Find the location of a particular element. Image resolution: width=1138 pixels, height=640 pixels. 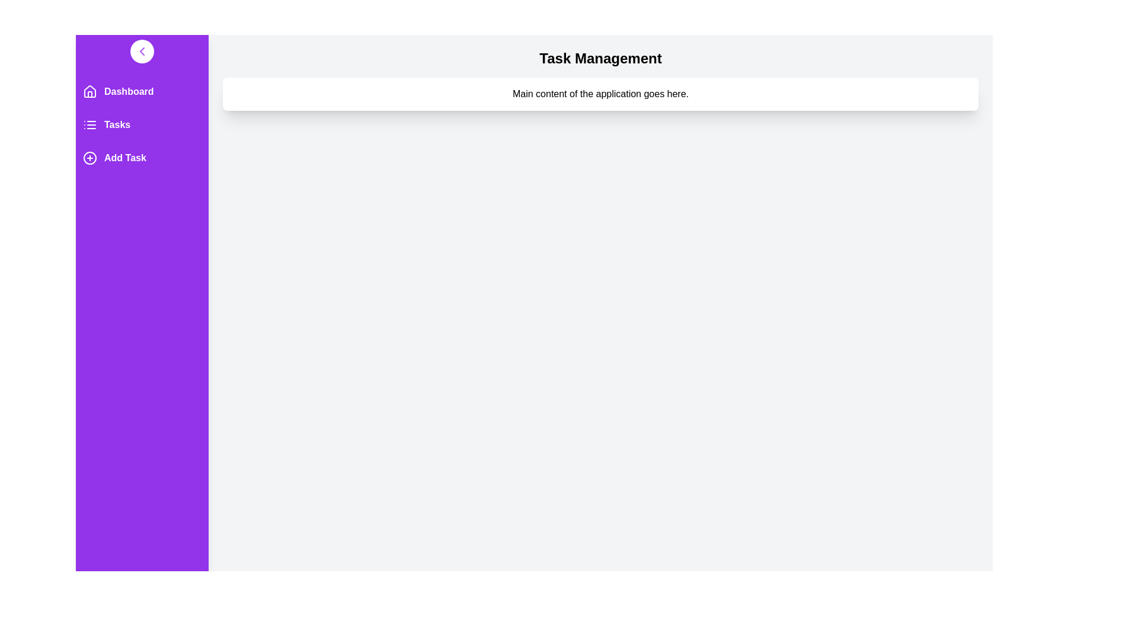

the 'Tasks' menu item in the sidebar is located at coordinates (142, 125).